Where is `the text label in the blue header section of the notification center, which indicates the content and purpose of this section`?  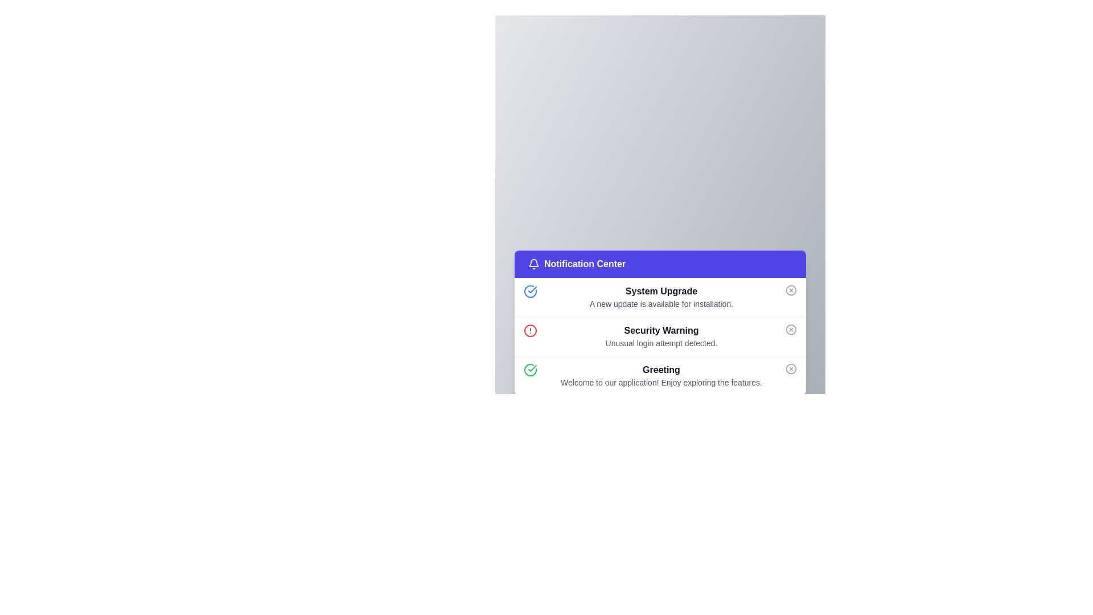 the text label in the blue header section of the notification center, which indicates the content and purpose of this section is located at coordinates (577, 264).